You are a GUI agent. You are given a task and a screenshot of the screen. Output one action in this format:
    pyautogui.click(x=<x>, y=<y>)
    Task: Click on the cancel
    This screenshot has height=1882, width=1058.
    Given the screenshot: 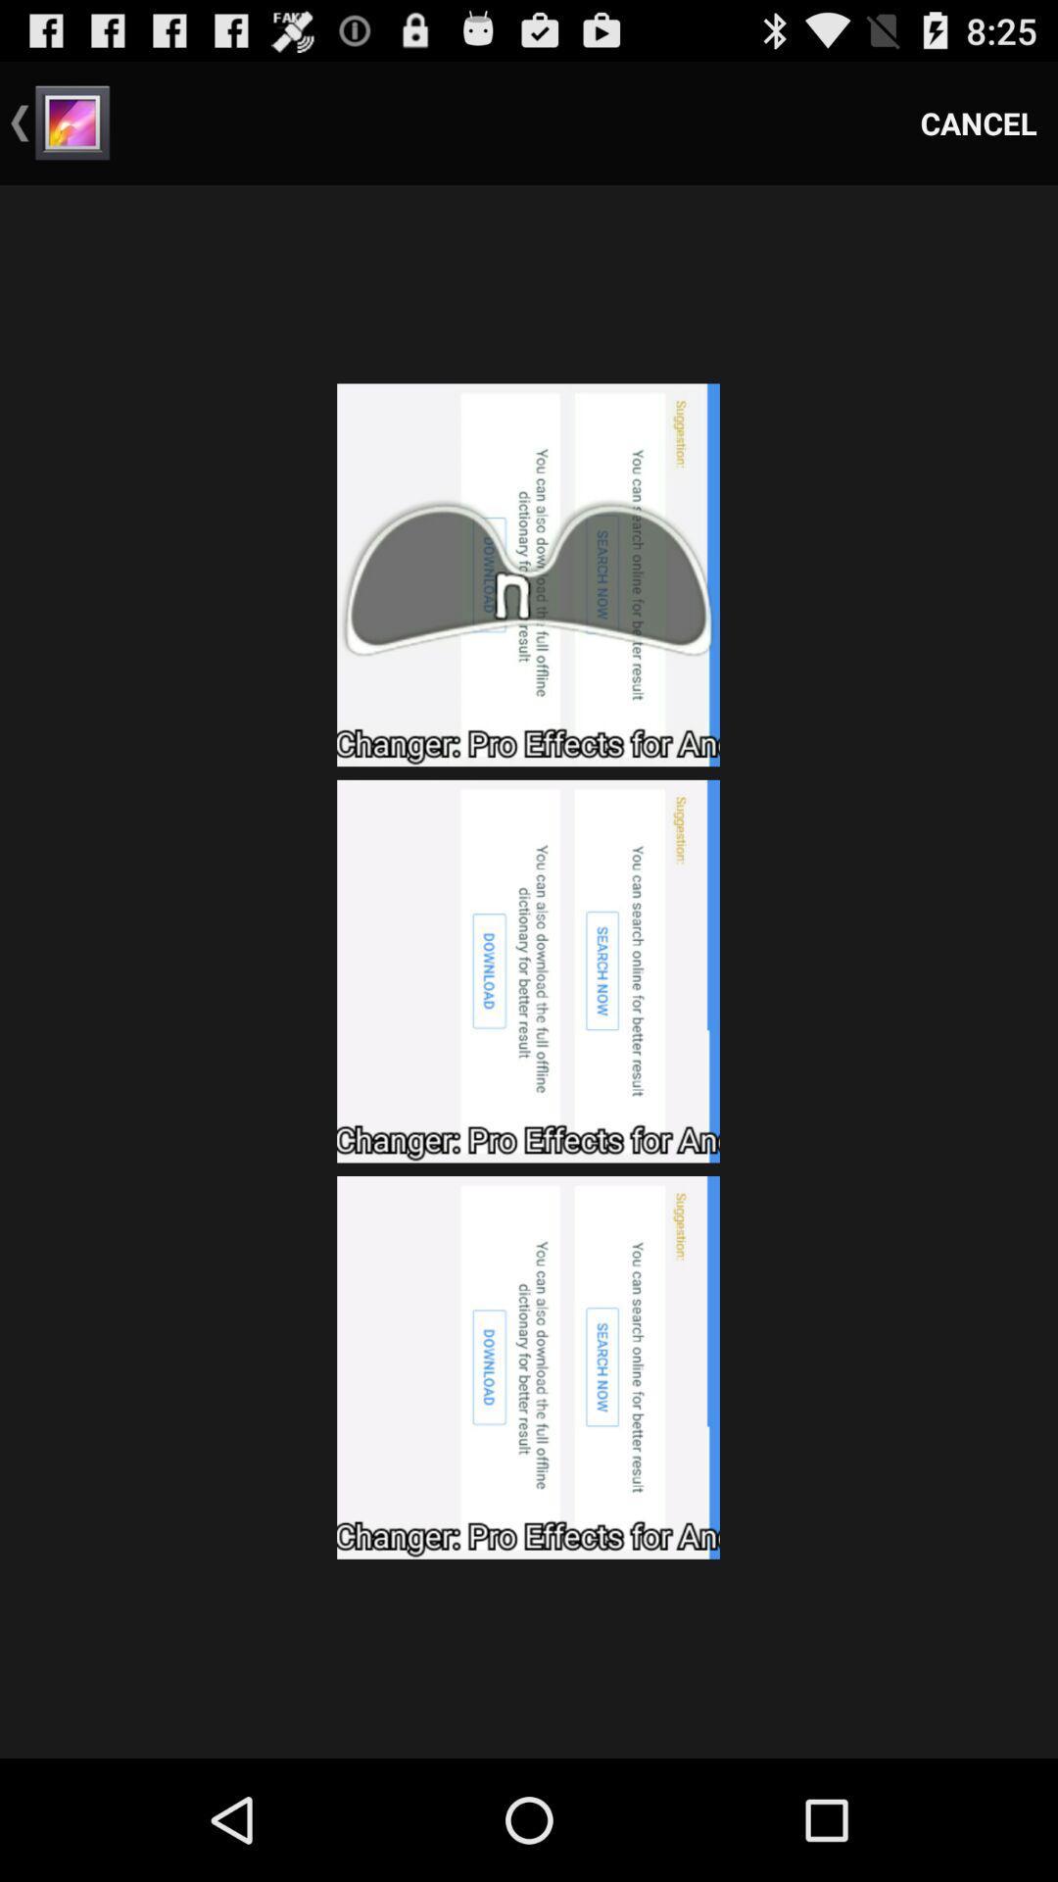 What is the action you would take?
    pyautogui.click(x=979, y=122)
    